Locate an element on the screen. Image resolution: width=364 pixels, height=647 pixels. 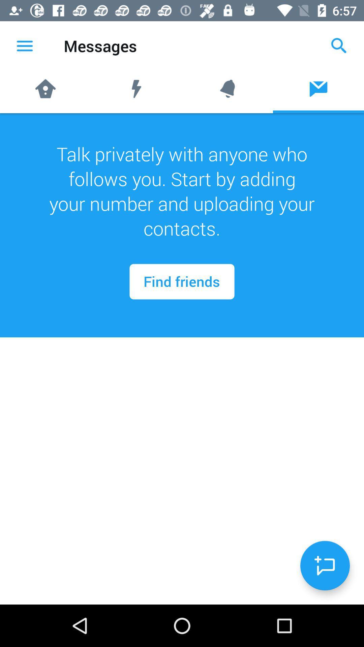
the find friends at the center is located at coordinates (182, 281).